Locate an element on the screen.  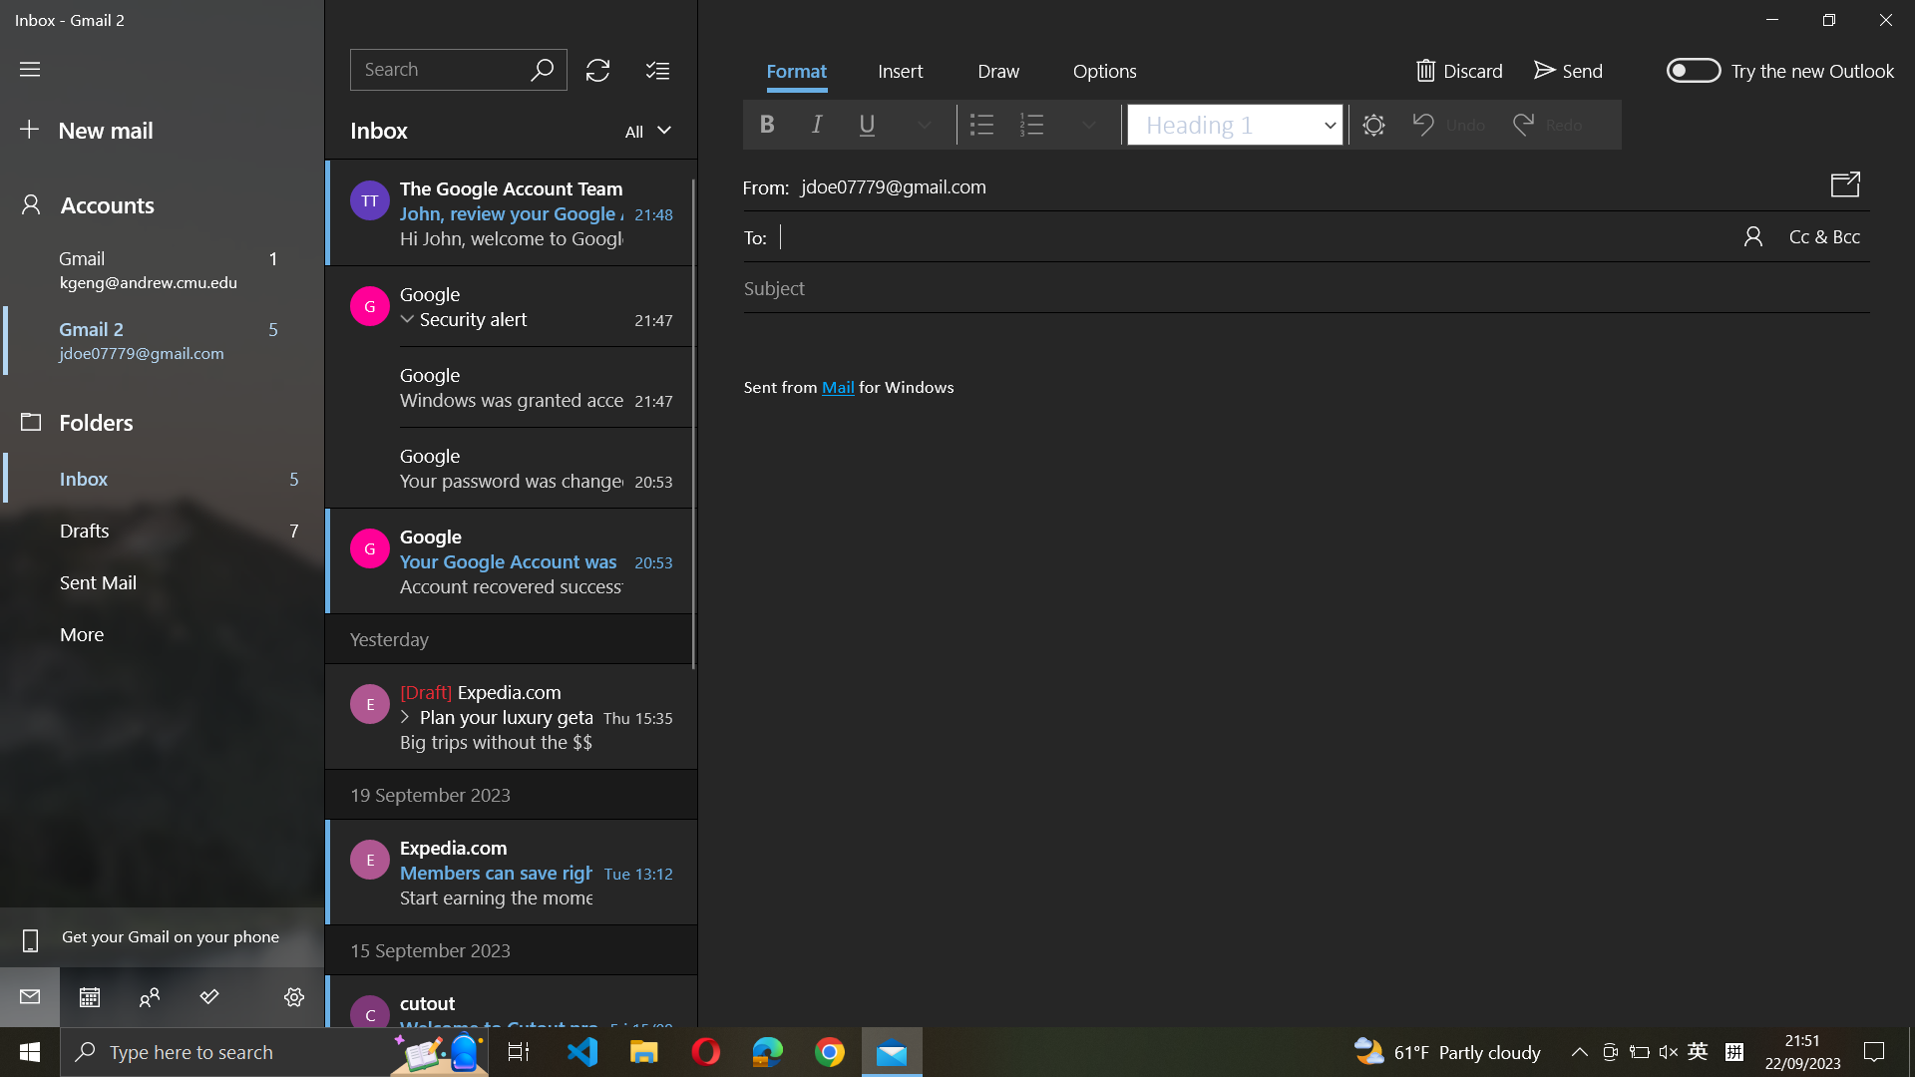
Insert the recipient"s email as "xyz@gmail.com" is located at coordinates (1272, 233).